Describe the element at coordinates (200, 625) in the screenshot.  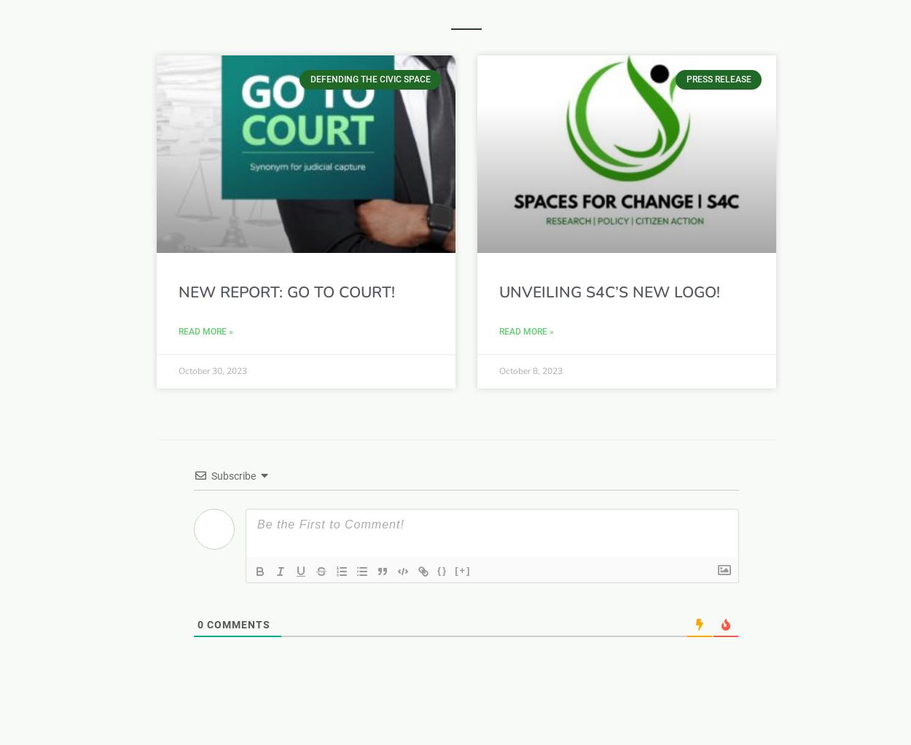
I see `'0'` at that location.